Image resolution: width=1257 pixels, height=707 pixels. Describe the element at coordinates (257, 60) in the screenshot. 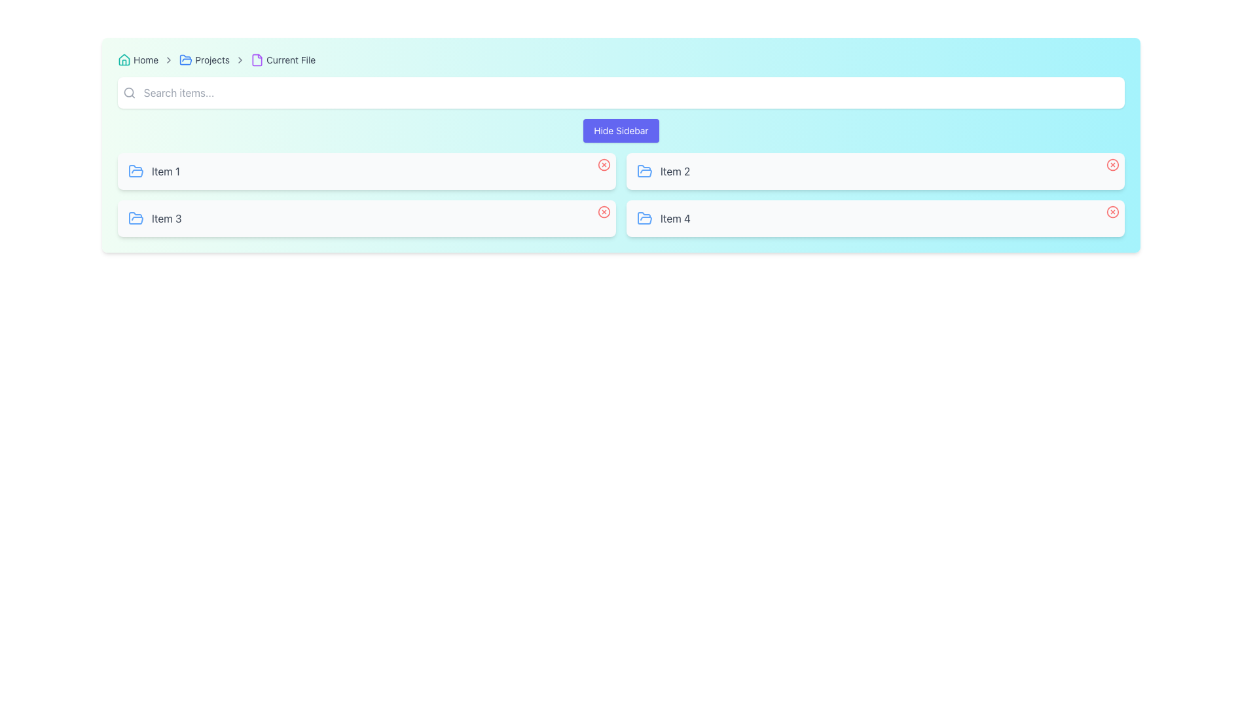

I see `the 'Current File' icon in the breadcrumb navigation bar, which helps users identify their current location within the application` at that location.